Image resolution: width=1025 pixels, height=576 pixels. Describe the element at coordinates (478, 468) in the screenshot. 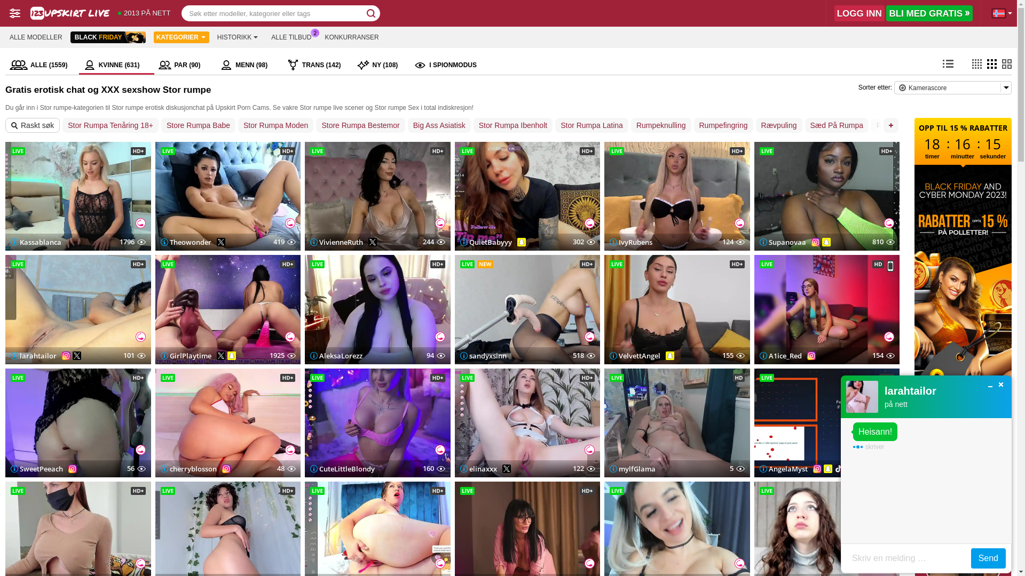

I see `'elinaxxx'` at that location.